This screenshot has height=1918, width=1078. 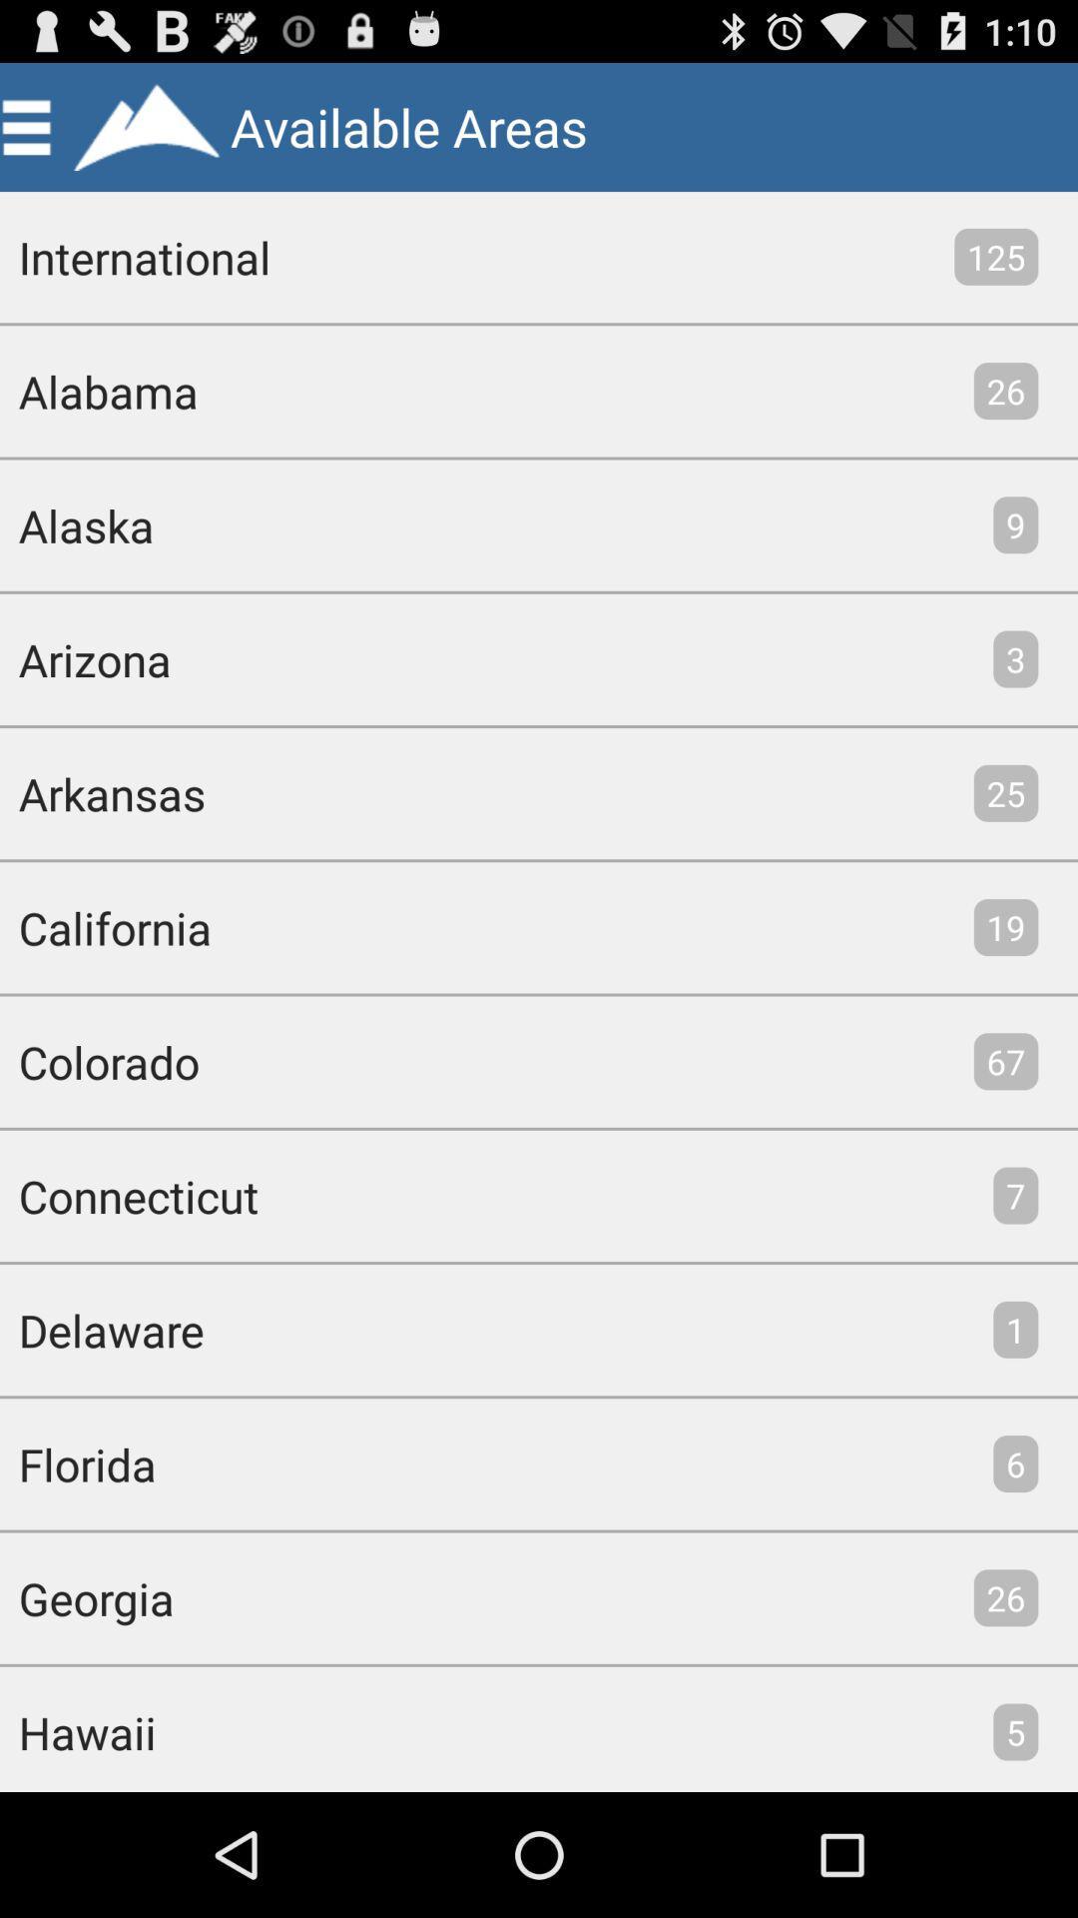 I want to click on the connecticut item, so click(x=129, y=1196).